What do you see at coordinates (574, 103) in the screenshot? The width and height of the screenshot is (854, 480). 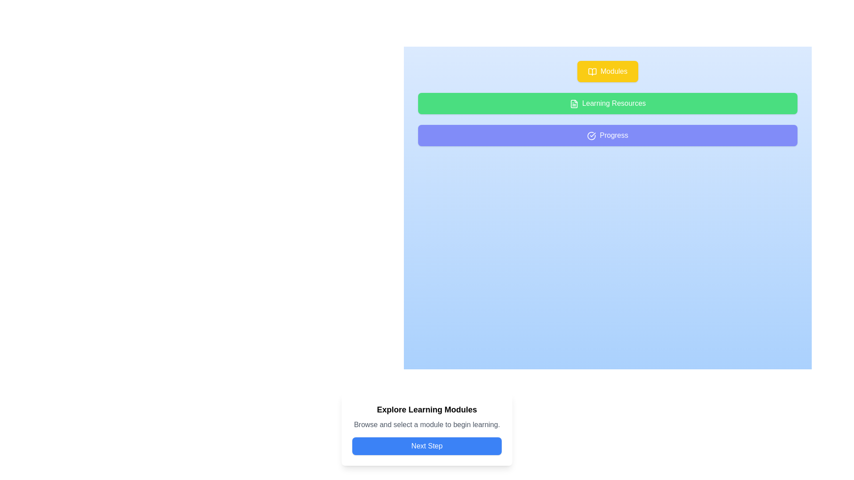 I see `the document icon located to the left of the 'Learning Resources' text within the green button to initiate its action` at bounding box center [574, 103].